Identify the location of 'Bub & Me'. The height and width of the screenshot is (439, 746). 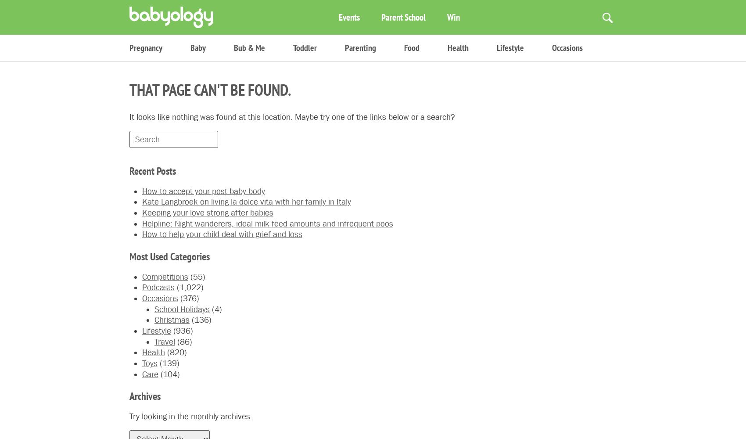
(249, 47).